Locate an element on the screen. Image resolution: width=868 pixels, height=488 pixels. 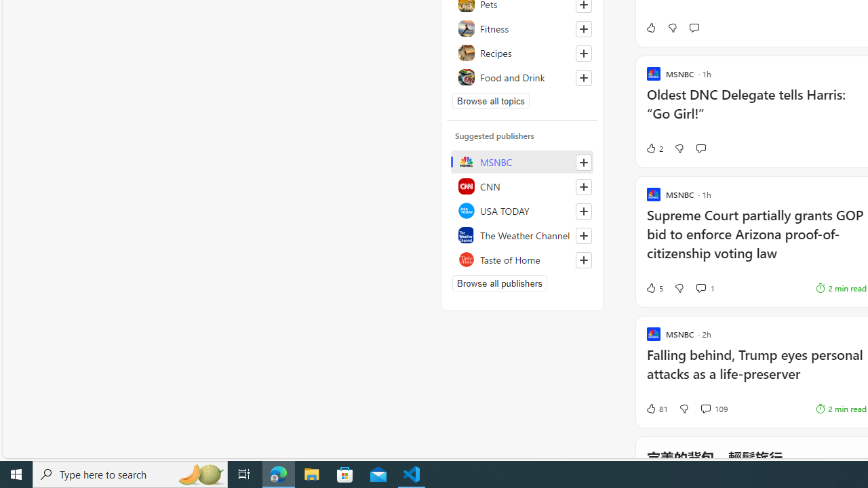
'Browse all publishers' is located at coordinates (498, 282).